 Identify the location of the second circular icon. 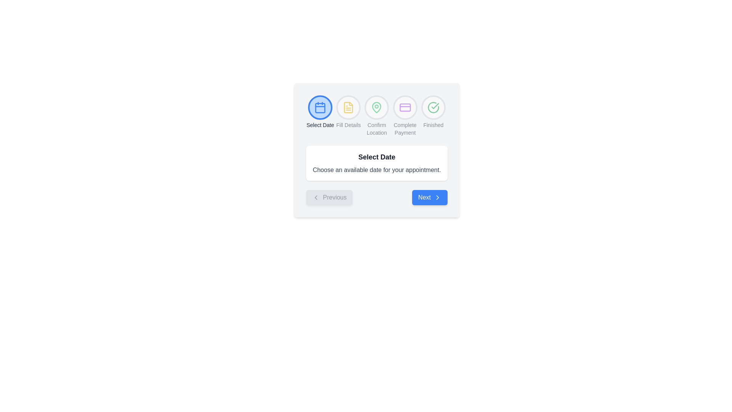
(348, 107).